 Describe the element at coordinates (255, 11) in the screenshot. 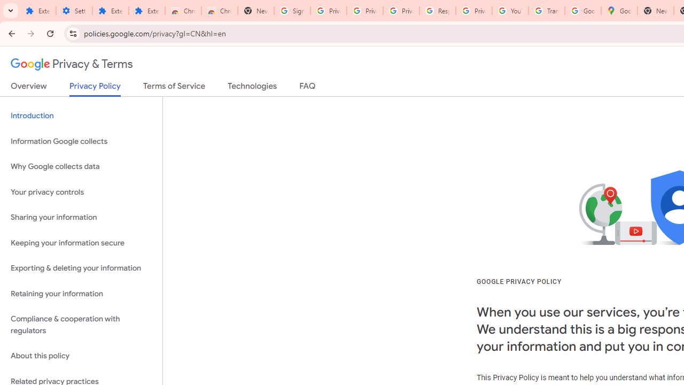

I see `'New Tab'` at that location.